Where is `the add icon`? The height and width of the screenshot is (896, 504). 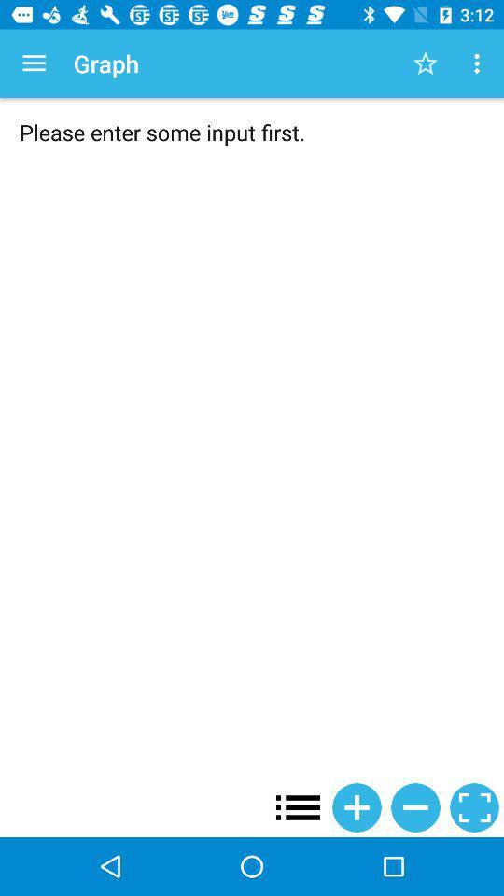 the add icon is located at coordinates (357, 806).